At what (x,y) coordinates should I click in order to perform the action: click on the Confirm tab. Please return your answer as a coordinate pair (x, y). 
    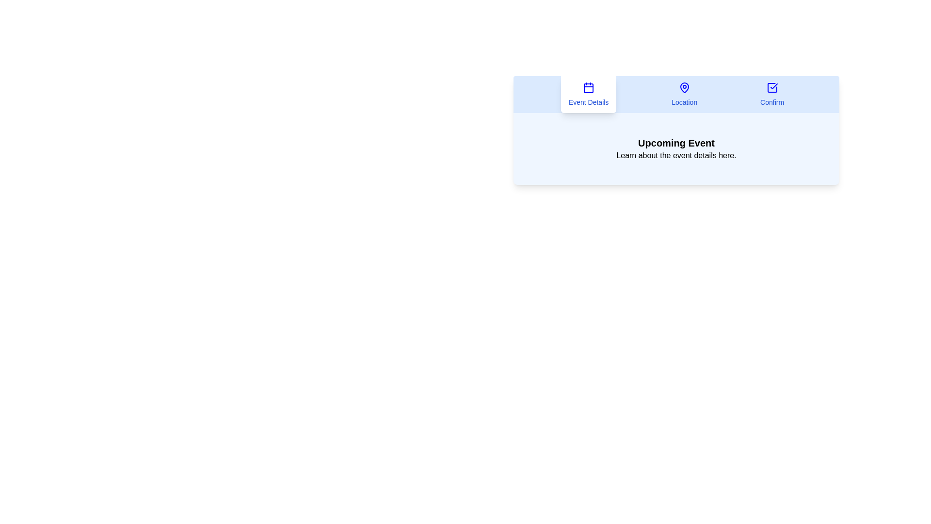
    Looking at the image, I should click on (771, 95).